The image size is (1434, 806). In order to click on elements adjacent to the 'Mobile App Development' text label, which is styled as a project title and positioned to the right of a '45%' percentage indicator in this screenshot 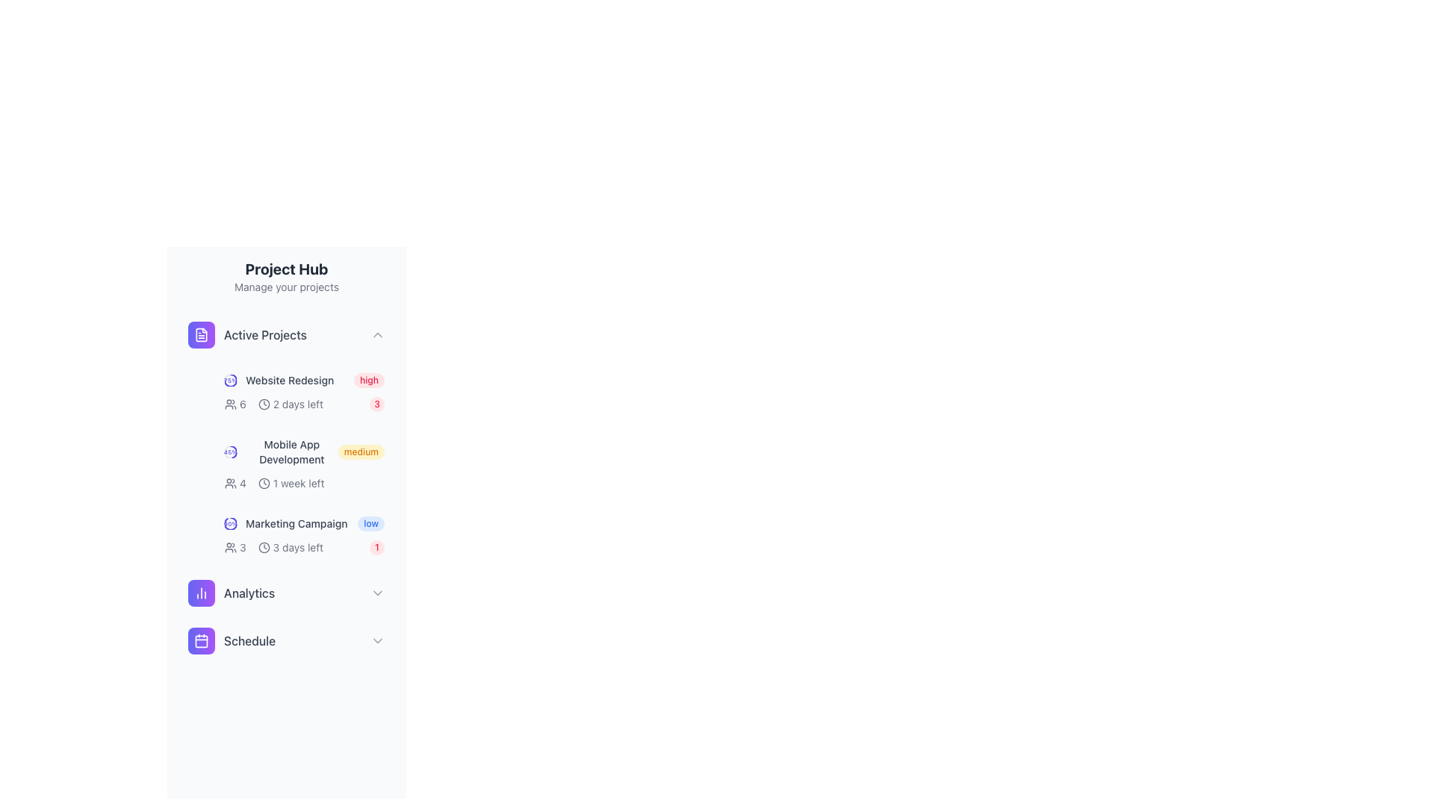, I will do `click(291, 451)`.